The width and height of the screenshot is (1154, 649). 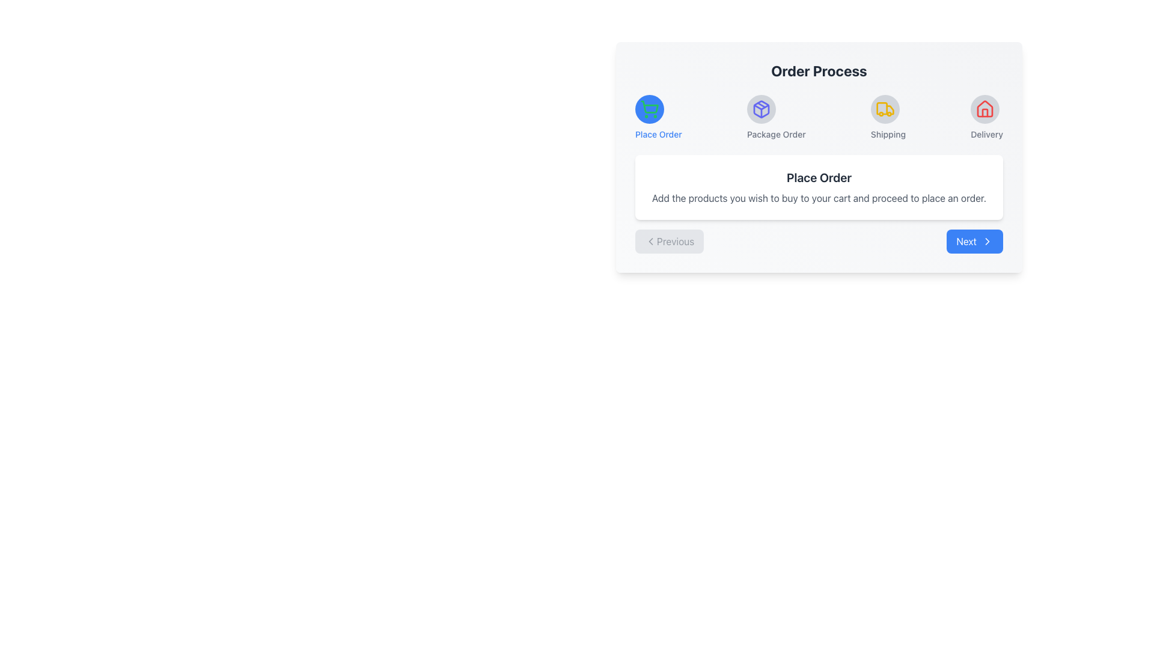 I want to click on the blue circular icon with a green shopping cart symbol above the text 'Place Order', so click(x=658, y=118).